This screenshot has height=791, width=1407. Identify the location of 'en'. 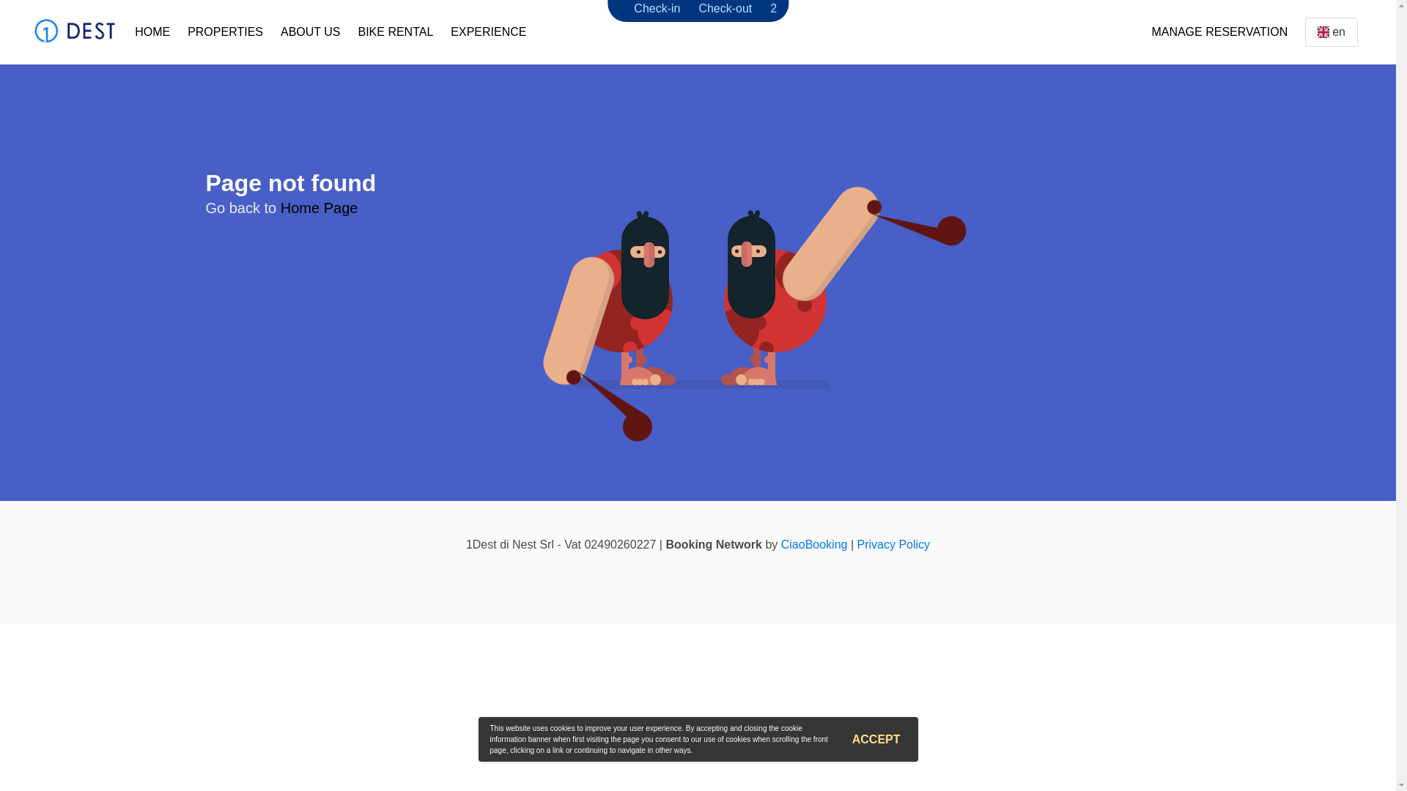
(1323, 31).